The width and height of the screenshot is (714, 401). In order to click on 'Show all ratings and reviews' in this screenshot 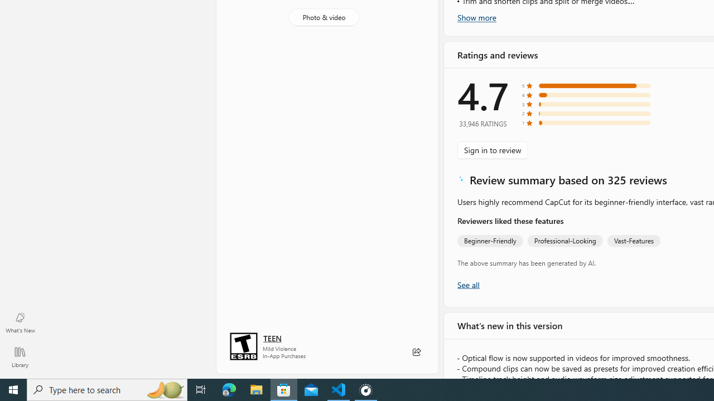, I will do `click(468, 294)`.